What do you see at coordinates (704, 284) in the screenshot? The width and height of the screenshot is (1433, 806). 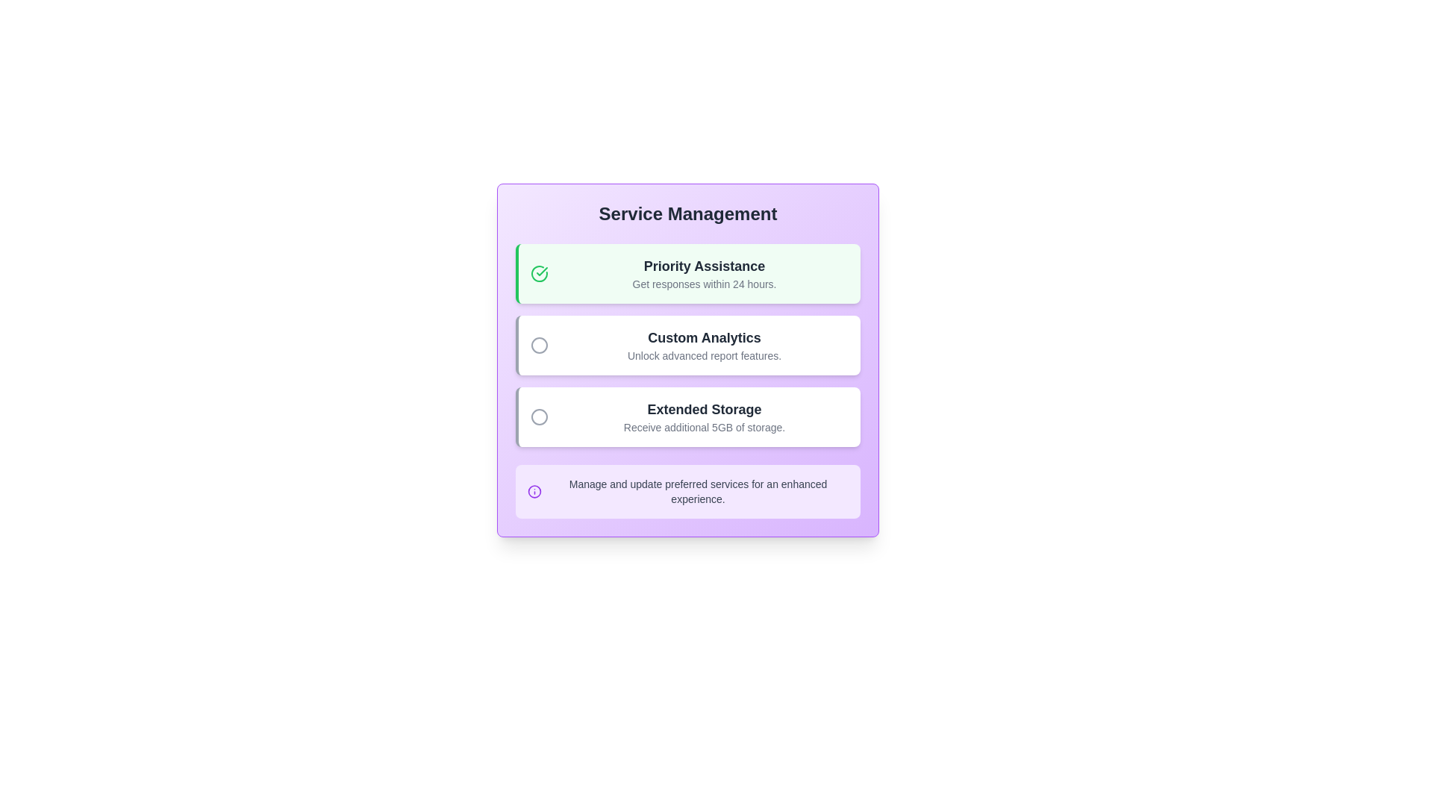 I see `the text label that reads 'Get responses within 24 hours.' located beneath the 'Priority Assistance' title in the green card on the 'Service Management' interface` at bounding box center [704, 284].